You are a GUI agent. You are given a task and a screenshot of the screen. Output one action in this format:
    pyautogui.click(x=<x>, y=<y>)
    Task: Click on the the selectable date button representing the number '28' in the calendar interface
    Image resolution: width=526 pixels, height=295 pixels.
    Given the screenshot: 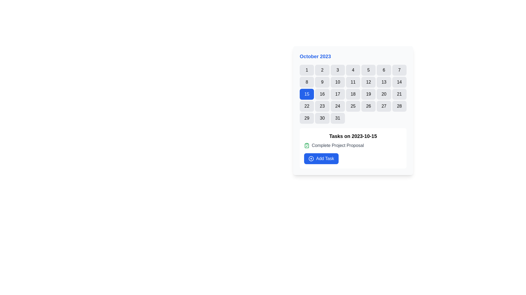 What is the action you would take?
    pyautogui.click(x=399, y=106)
    